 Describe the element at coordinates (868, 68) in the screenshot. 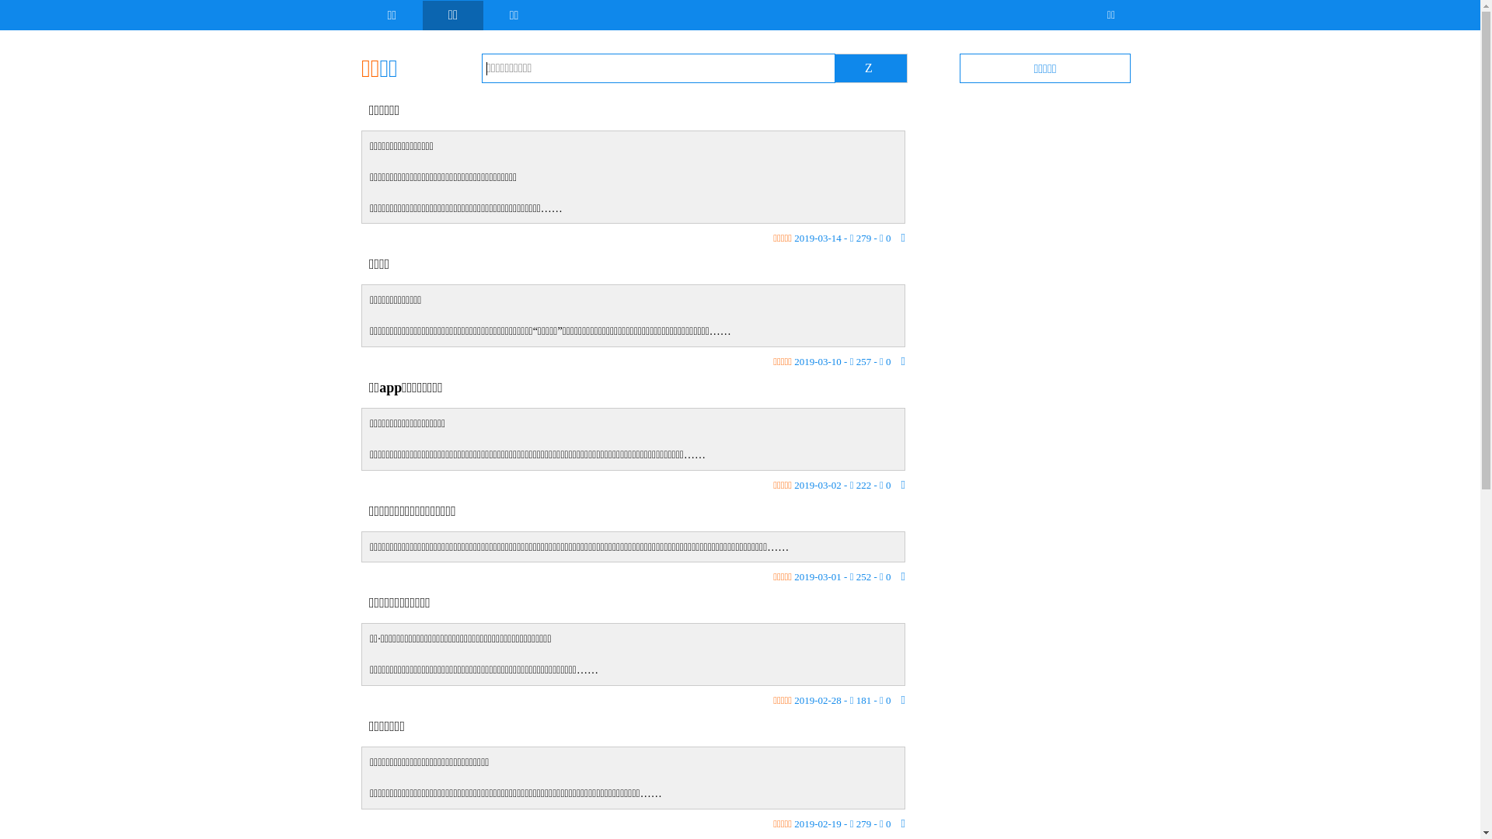

I see `'Z'` at that location.